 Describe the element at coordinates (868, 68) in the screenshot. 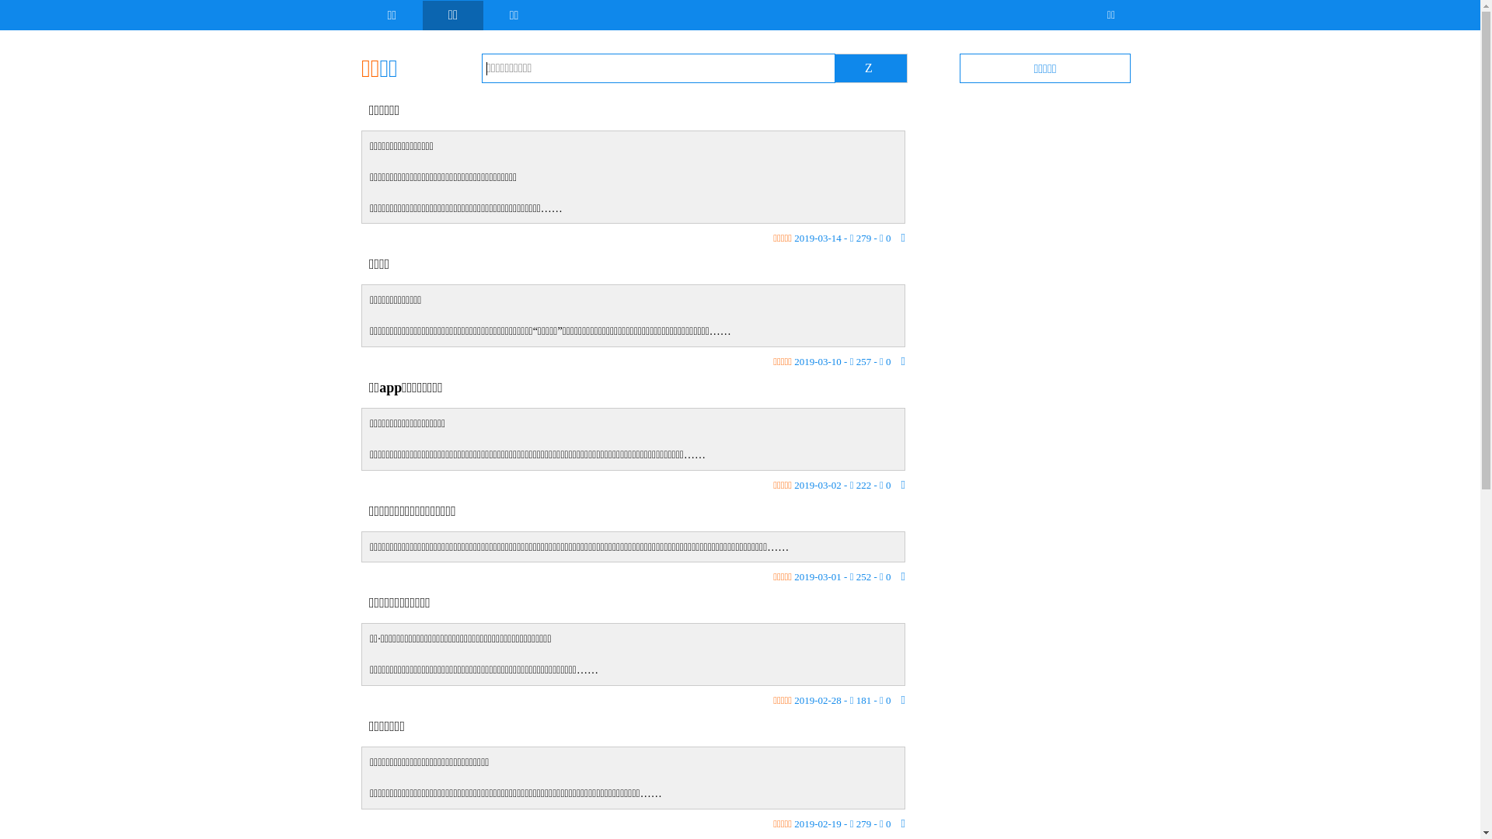

I see `'Z'` at that location.